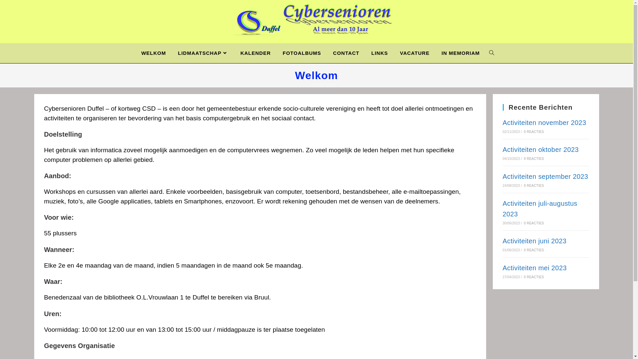 Image resolution: width=638 pixels, height=359 pixels. I want to click on '0 REACTIES', so click(534, 223).